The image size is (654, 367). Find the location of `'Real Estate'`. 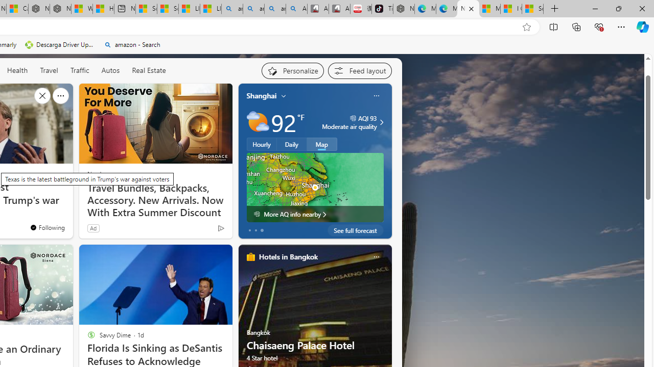

'Real Estate' is located at coordinates (148, 69).